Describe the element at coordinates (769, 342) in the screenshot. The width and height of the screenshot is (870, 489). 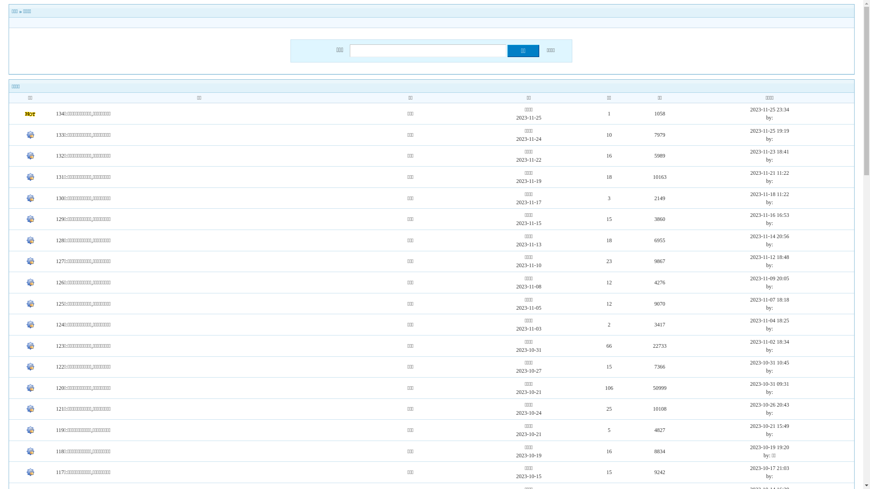
I see `'2023-11-02 18:34'` at that location.